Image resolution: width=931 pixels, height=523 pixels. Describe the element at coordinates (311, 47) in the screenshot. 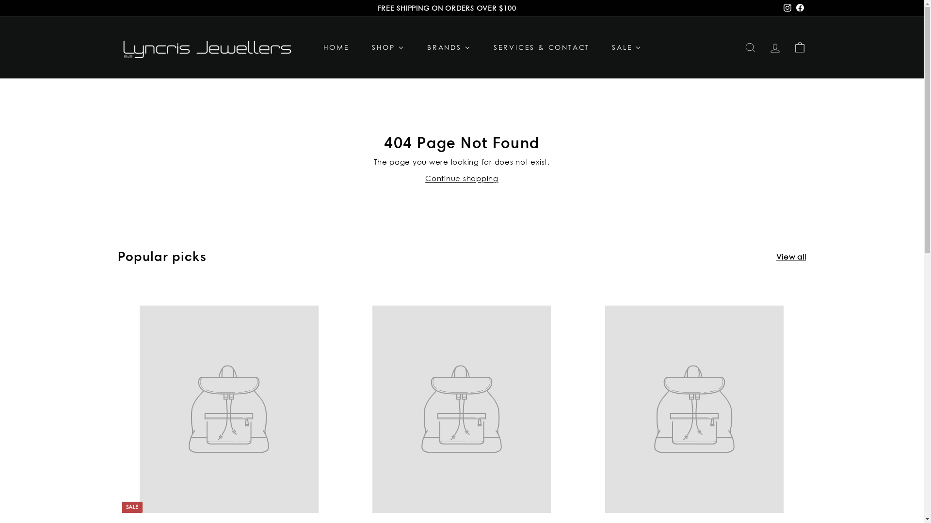

I see `'HOME'` at that location.